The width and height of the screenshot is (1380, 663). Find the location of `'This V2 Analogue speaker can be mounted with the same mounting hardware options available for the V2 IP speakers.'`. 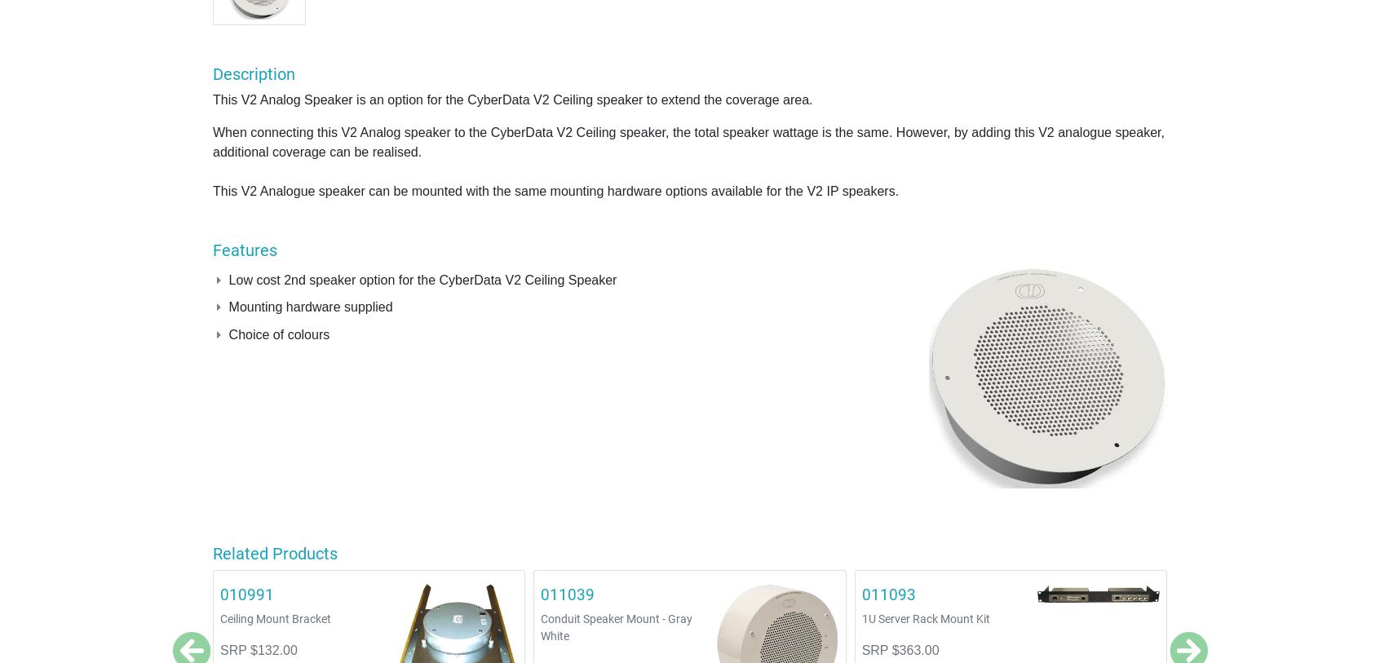

'This V2 Analogue speaker can be mounted with the same mounting hardware options available for the V2 IP speakers.' is located at coordinates (213, 189).